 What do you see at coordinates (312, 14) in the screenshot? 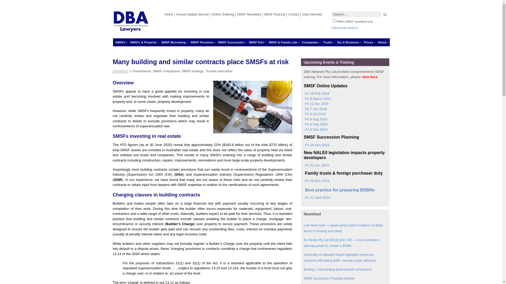
I see `'Stay informed'` at bounding box center [312, 14].